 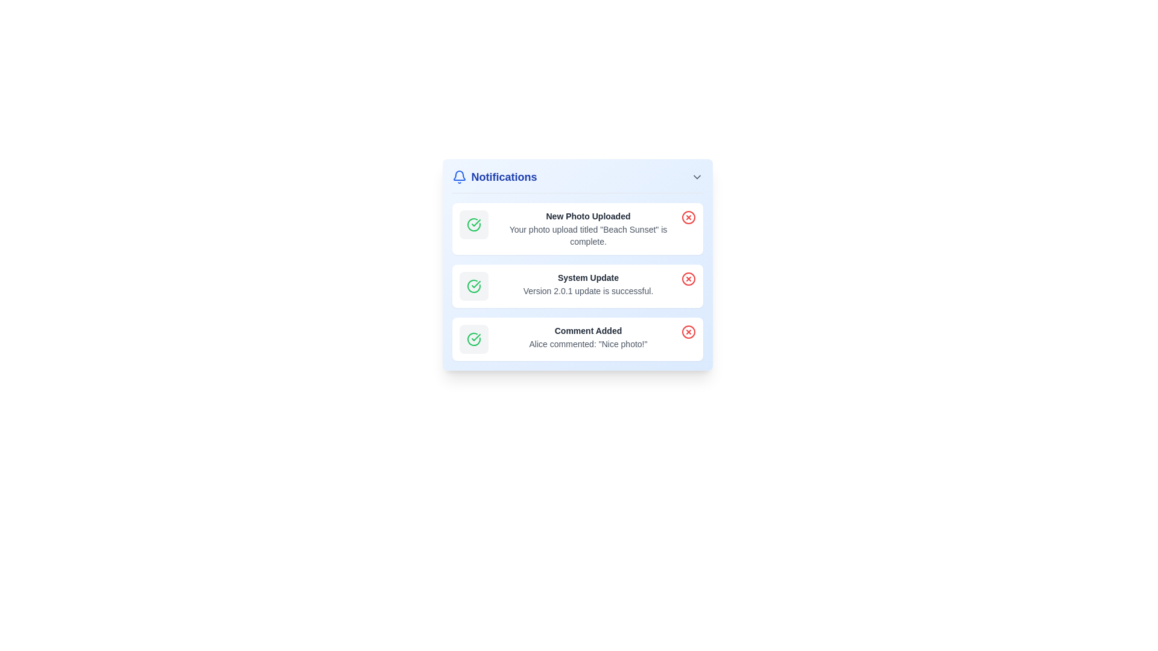 What do you see at coordinates (504, 177) in the screenshot?
I see `the Text label indicating the notifications section, which is positioned at the top-left corner of the notification card, adjacent to a bell icon` at bounding box center [504, 177].